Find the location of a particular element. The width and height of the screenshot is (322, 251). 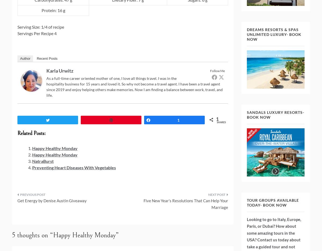

'Serving Size: 1/4 of recipe' is located at coordinates (41, 26).